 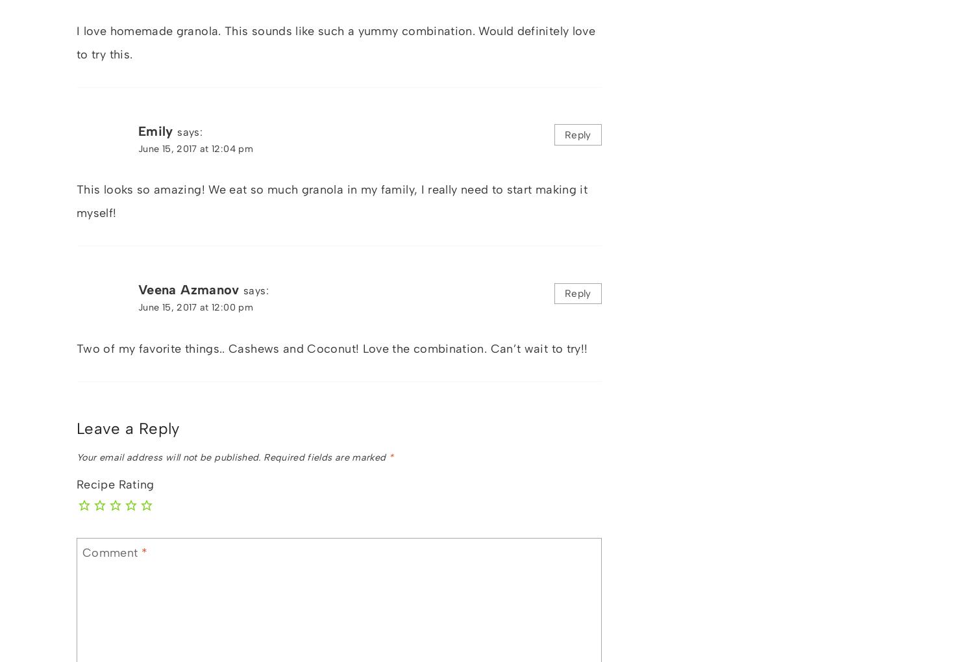 I want to click on 'This looks so amazing! We eat so much granola in my family, I really need to start making it myself!', so click(x=331, y=200).